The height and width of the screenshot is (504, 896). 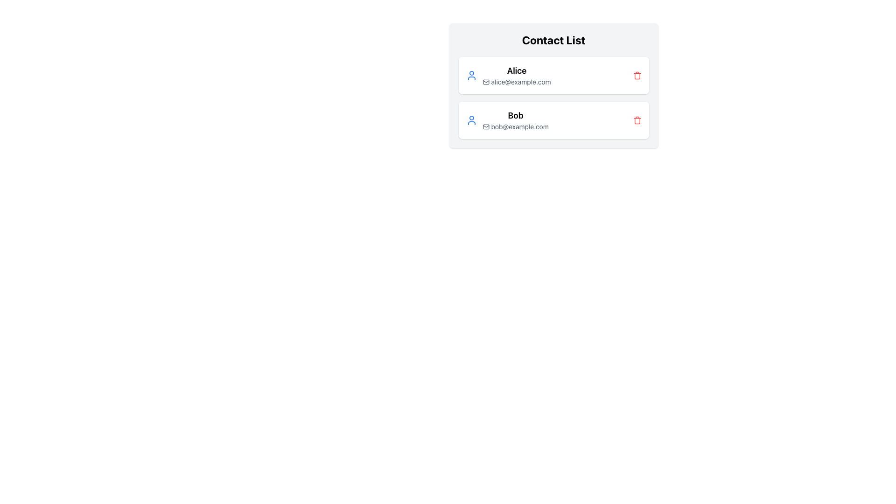 What do you see at coordinates (515, 127) in the screenshot?
I see `the email address element displaying 'bob@example.com' in gray font, located` at bounding box center [515, 127].